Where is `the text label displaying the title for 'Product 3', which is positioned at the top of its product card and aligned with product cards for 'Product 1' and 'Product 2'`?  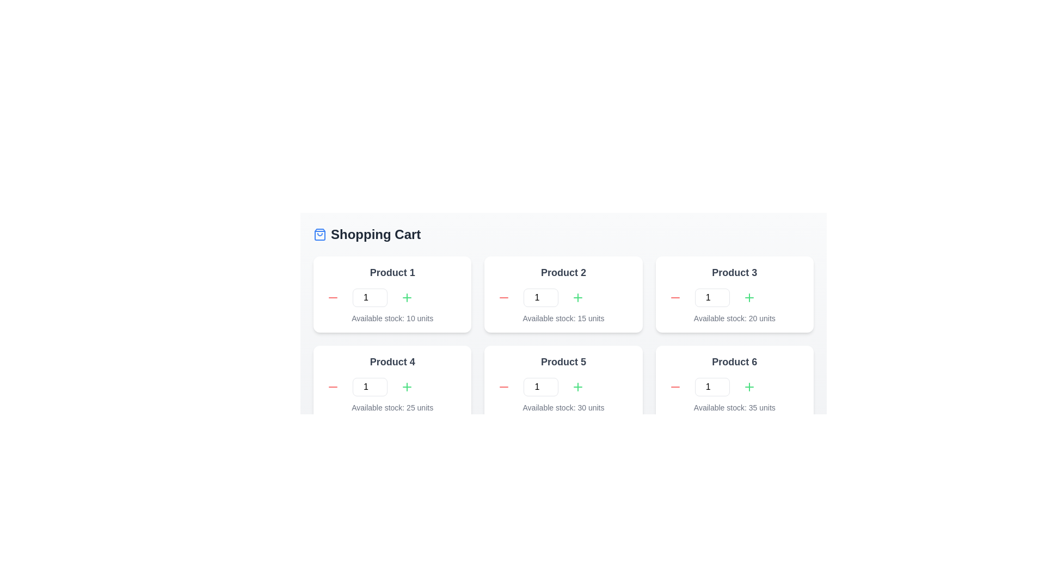
the text label displaying the title for 'Product 3', which is positioned at the top of its product card and aligned with product cards for 'Product 1' and 'Product 2' is located at coordinates (734, 272).